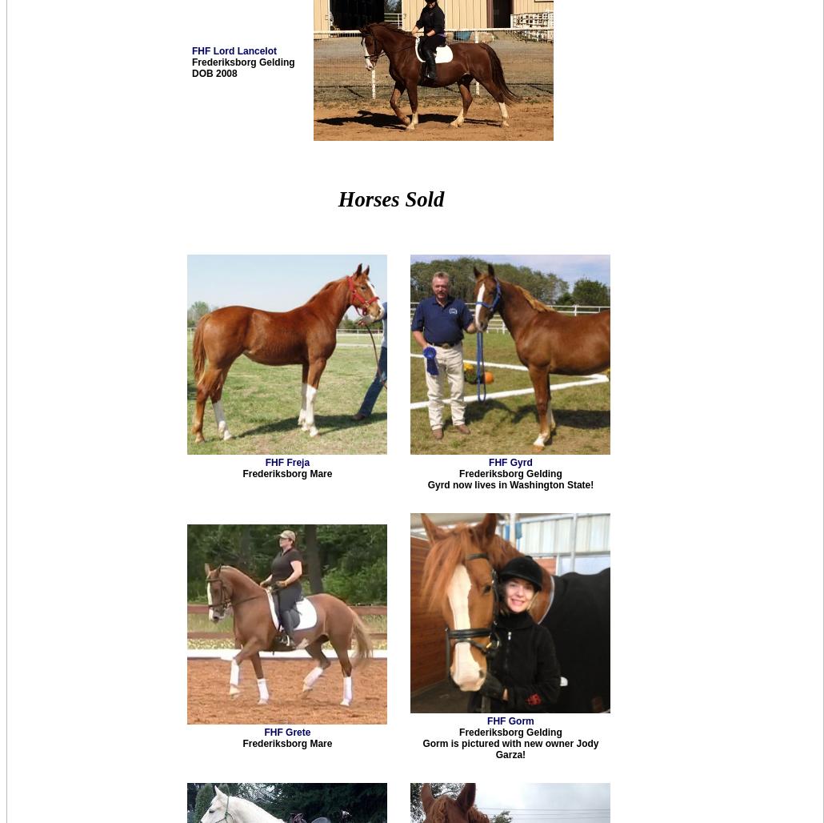 The image size is (824, 823). I want to click on 'FHF Gyrd', so click(509, 463).